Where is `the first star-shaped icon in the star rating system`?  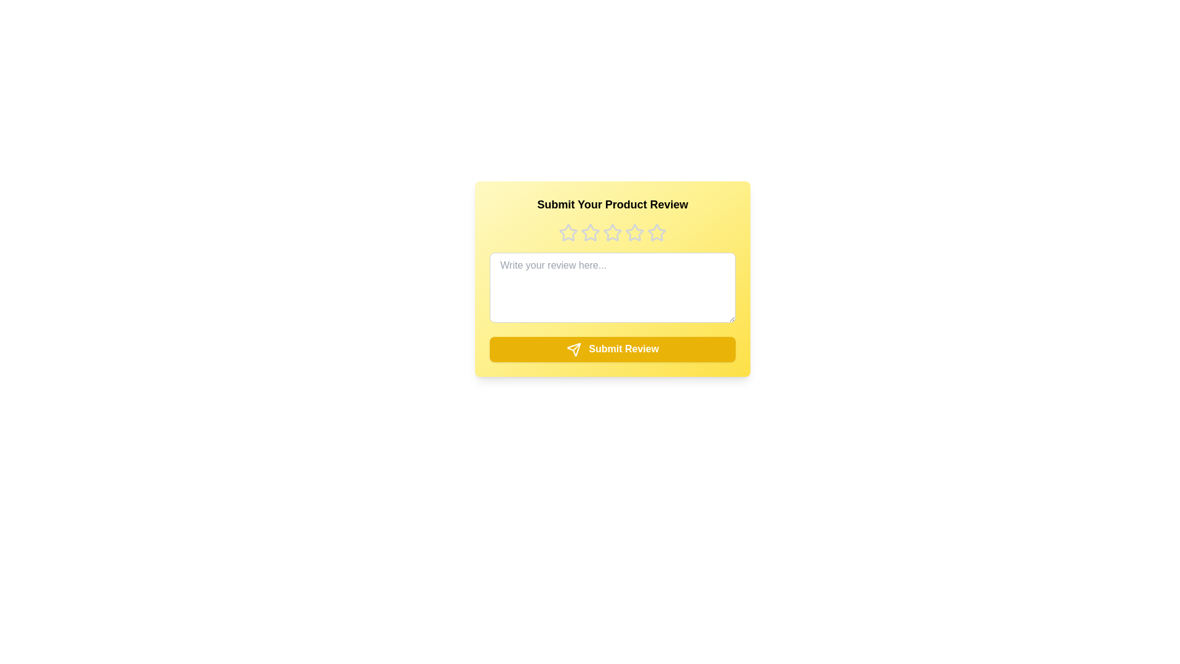
the first star-shaped icon in the star rating system is located at coordinates (568, 232).